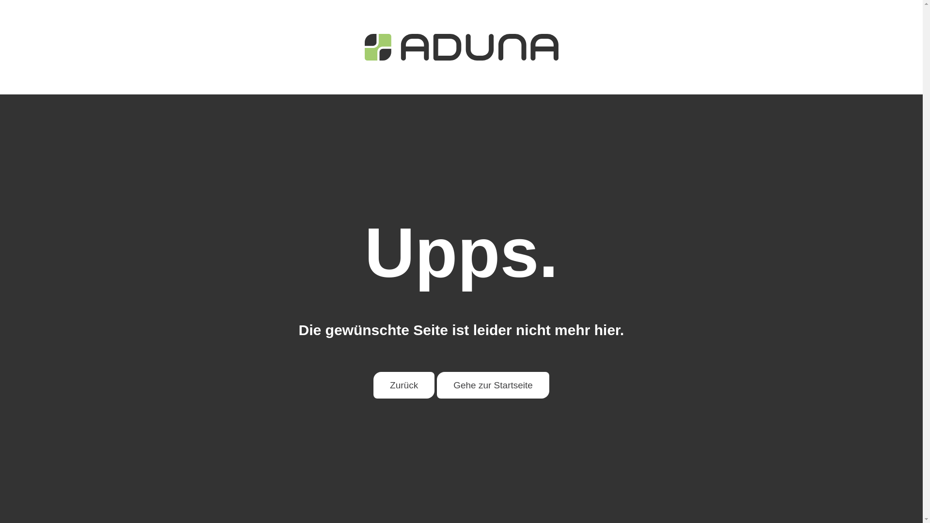 The height and width of the screenshot is (523, 930). What do you see at coordinates (493, 385) in the screenshot?
I see `'Gehe zur Startseite'` at bounding box center [493, 385].